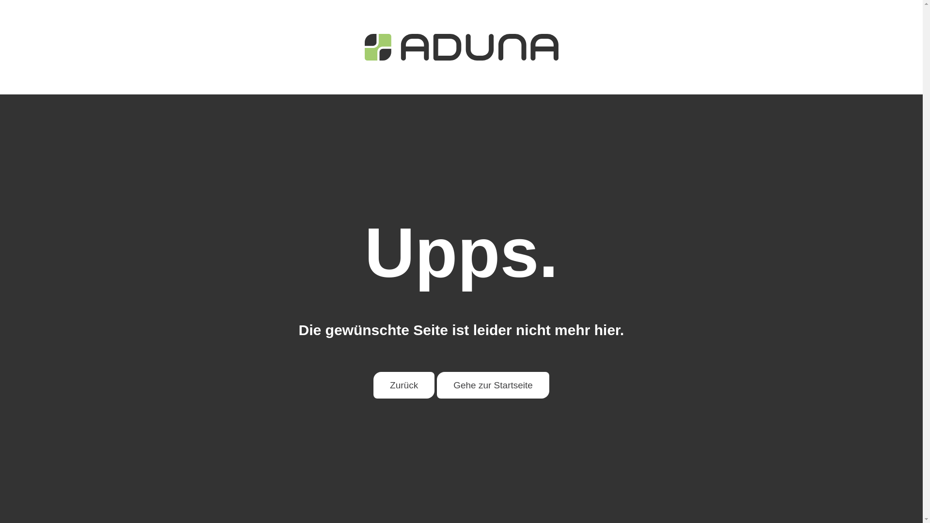 The height and width of the screenshot is (523, 930). What do you see at coordinates (493, 385) in the screenshot?
I see `'Gehe zur Startseite'` at bounding box center [493, 385].